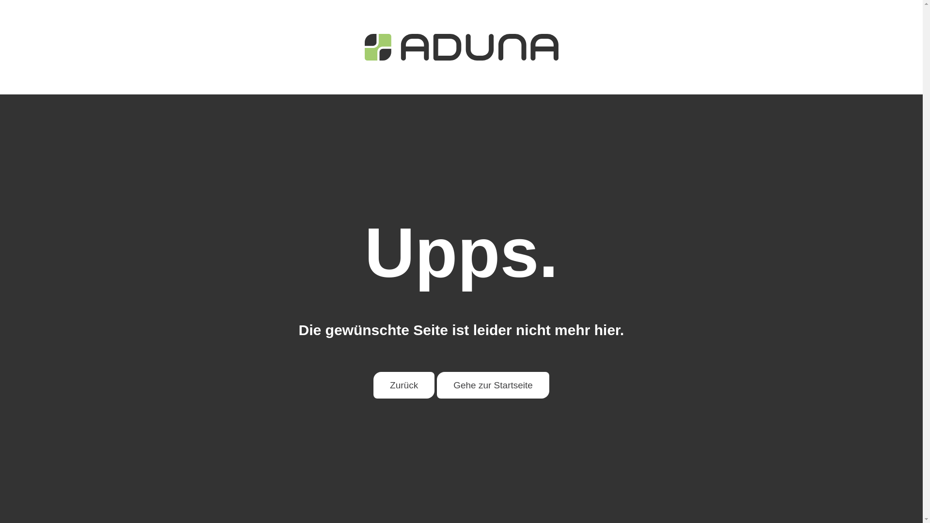 The height and width of the screenshot is (523, 930). What do you see at coordinates (493, 385) in the screenshot?
I see `'Gehe zur Startseite'` at bounding box center [493, 385].